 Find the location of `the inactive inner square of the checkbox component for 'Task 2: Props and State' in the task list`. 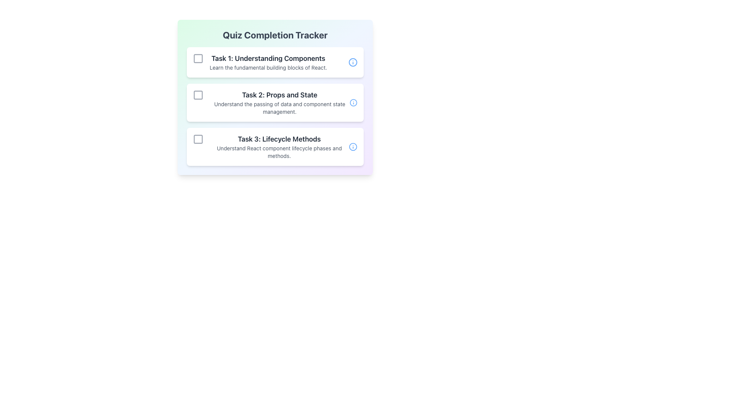

the inactive inner square of the checkbox component for 'Task 2: Props and State' in the task list is located at coordinates (198, 95).